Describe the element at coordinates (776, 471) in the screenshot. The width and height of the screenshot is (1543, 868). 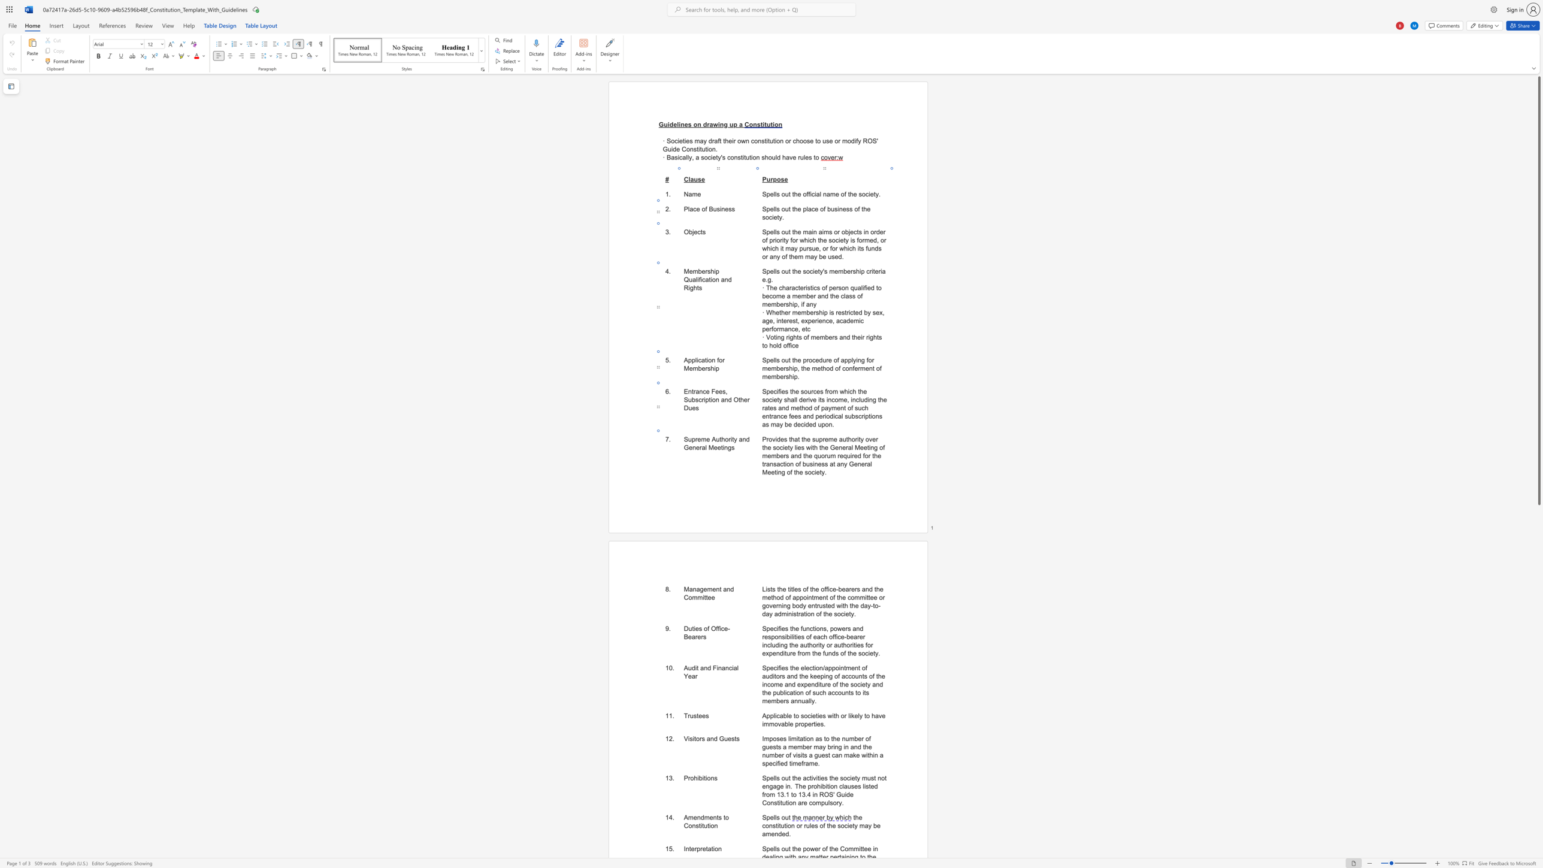
I see `the 5th character "t" in the text` at that location.